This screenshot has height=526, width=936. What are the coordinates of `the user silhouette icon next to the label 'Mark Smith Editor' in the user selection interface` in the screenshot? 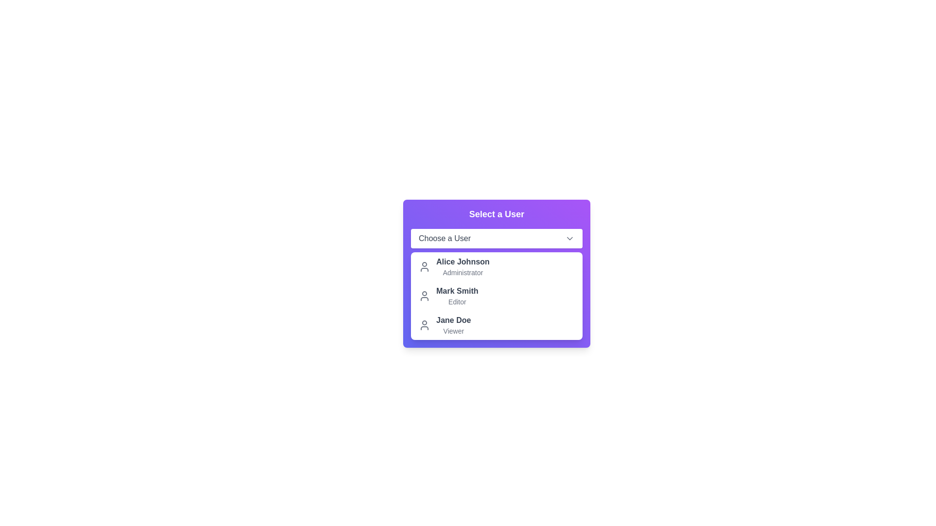 It's located at (424, 296).